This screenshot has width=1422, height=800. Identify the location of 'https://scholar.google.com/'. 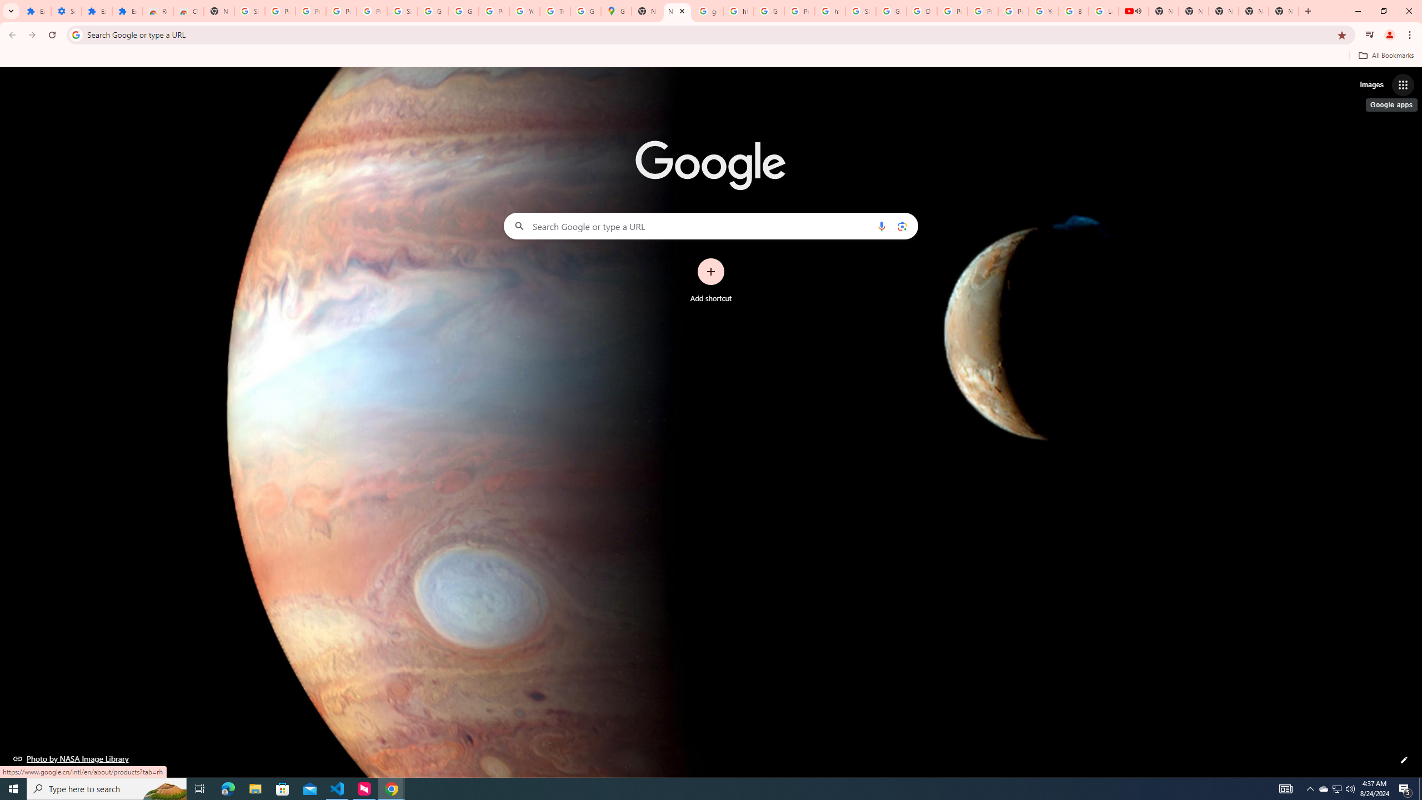
(738, 11).